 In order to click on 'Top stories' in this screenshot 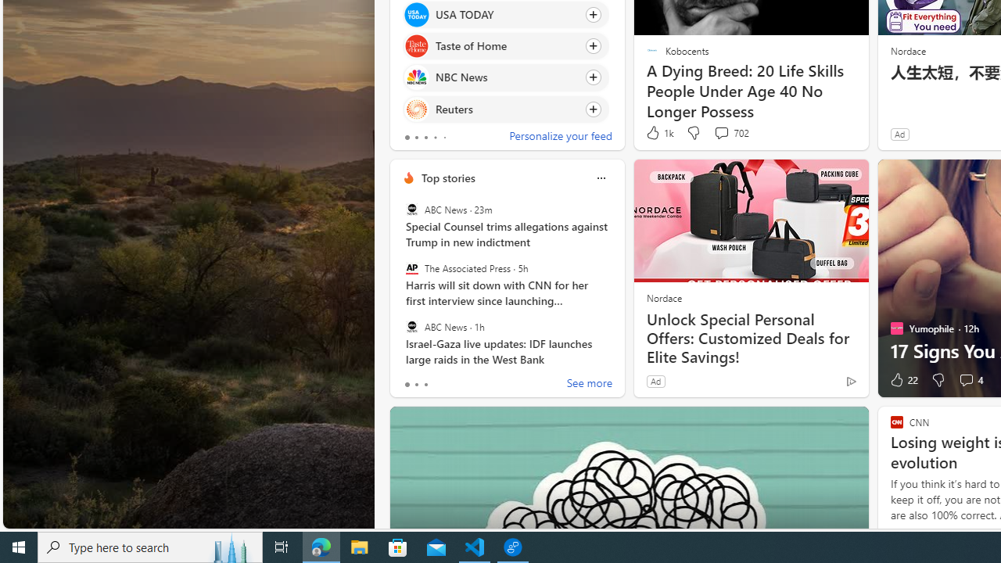, I will do `click(447, 177)`.